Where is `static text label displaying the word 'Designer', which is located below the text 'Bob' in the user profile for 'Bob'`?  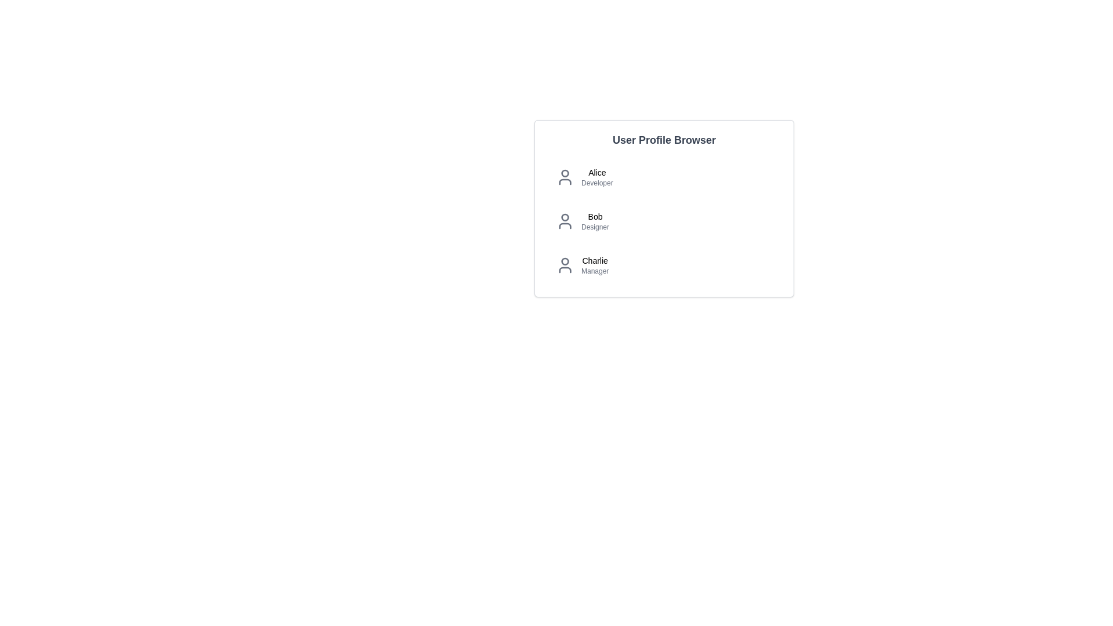
static text label displaying the word 'Designer', which is located below the text 'Bob' in the user profile for 'Bob' is located at coordinates (595, 227).